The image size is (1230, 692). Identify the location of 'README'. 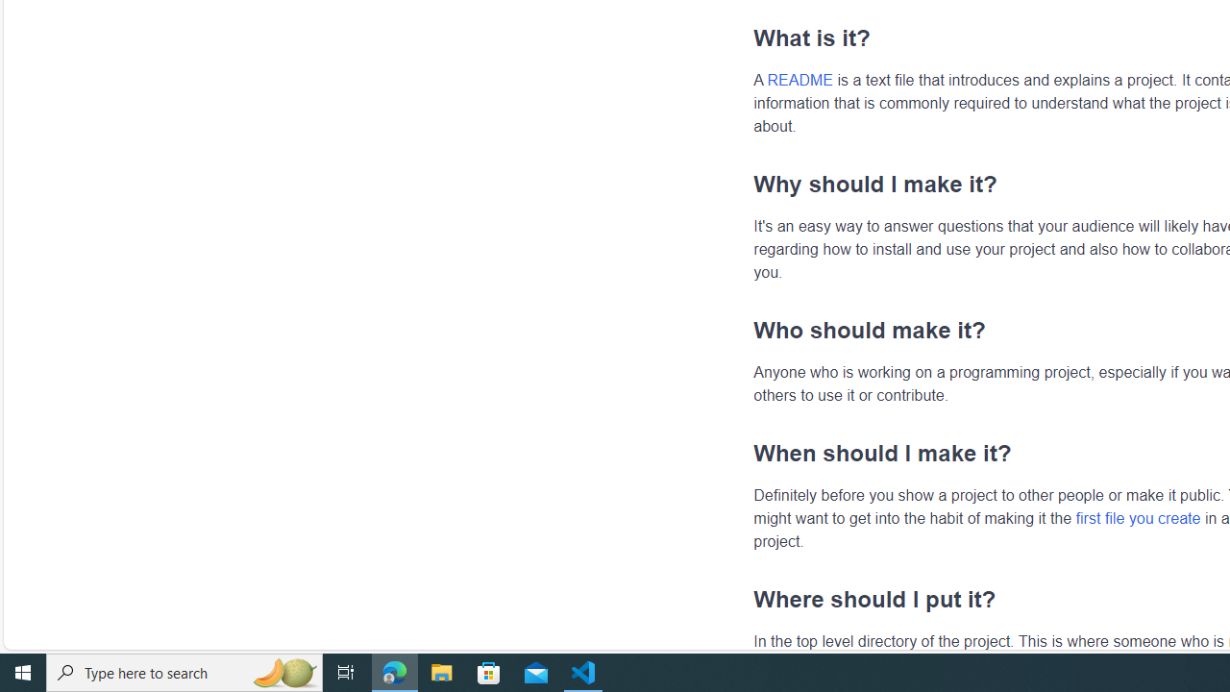
(799, 79).